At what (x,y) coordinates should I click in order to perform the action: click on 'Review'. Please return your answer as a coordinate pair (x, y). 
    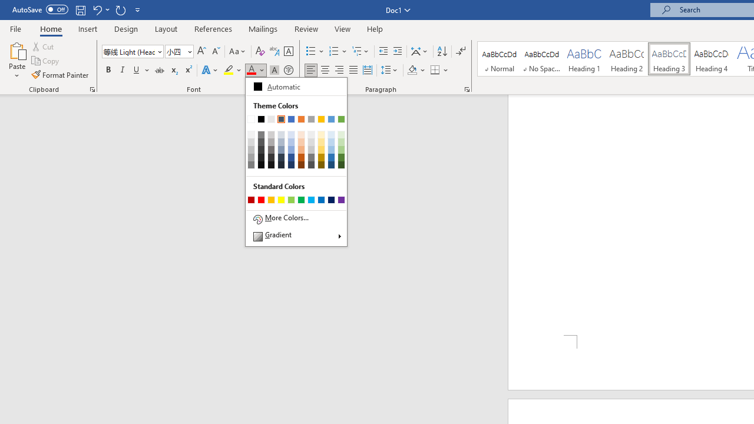
    Looking at the image, I should click on (306, 28).